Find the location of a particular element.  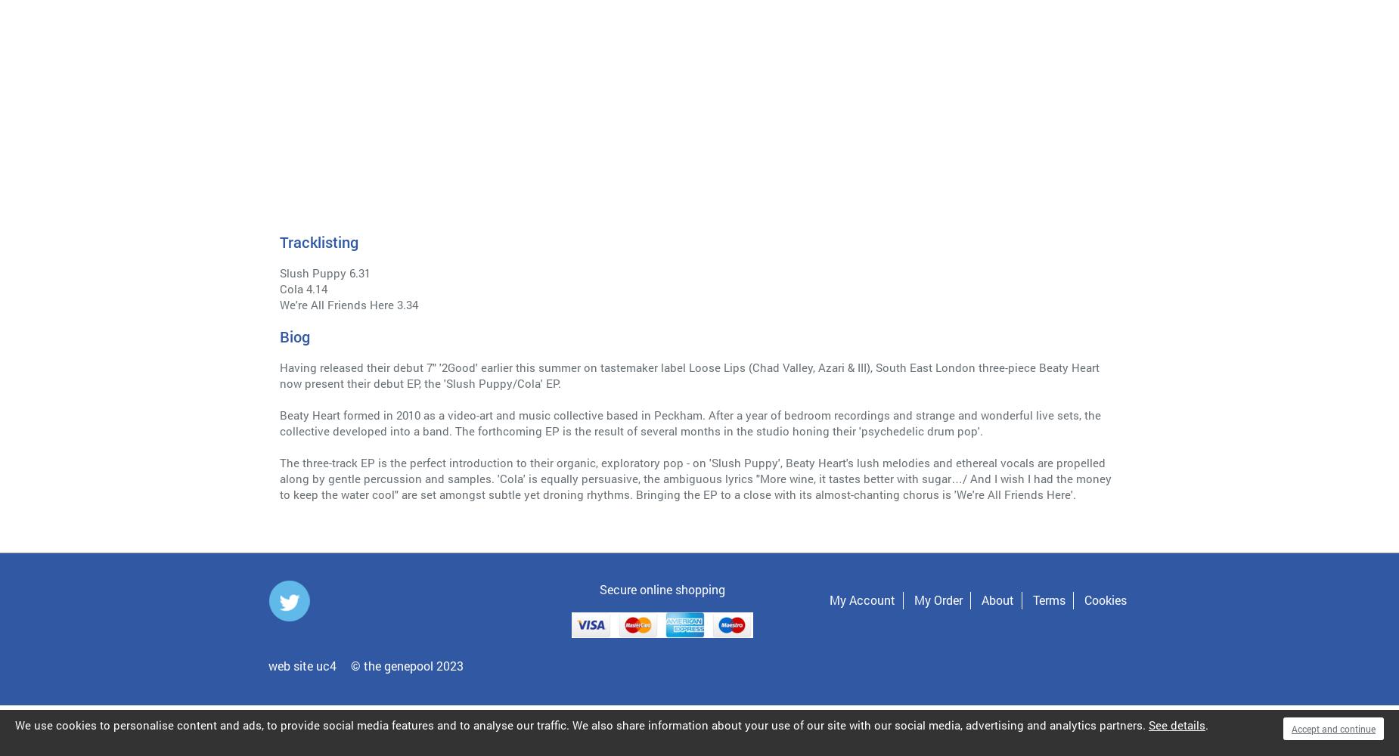

'We're All Friends Here 3.34' is located at coordinates (348, 305).